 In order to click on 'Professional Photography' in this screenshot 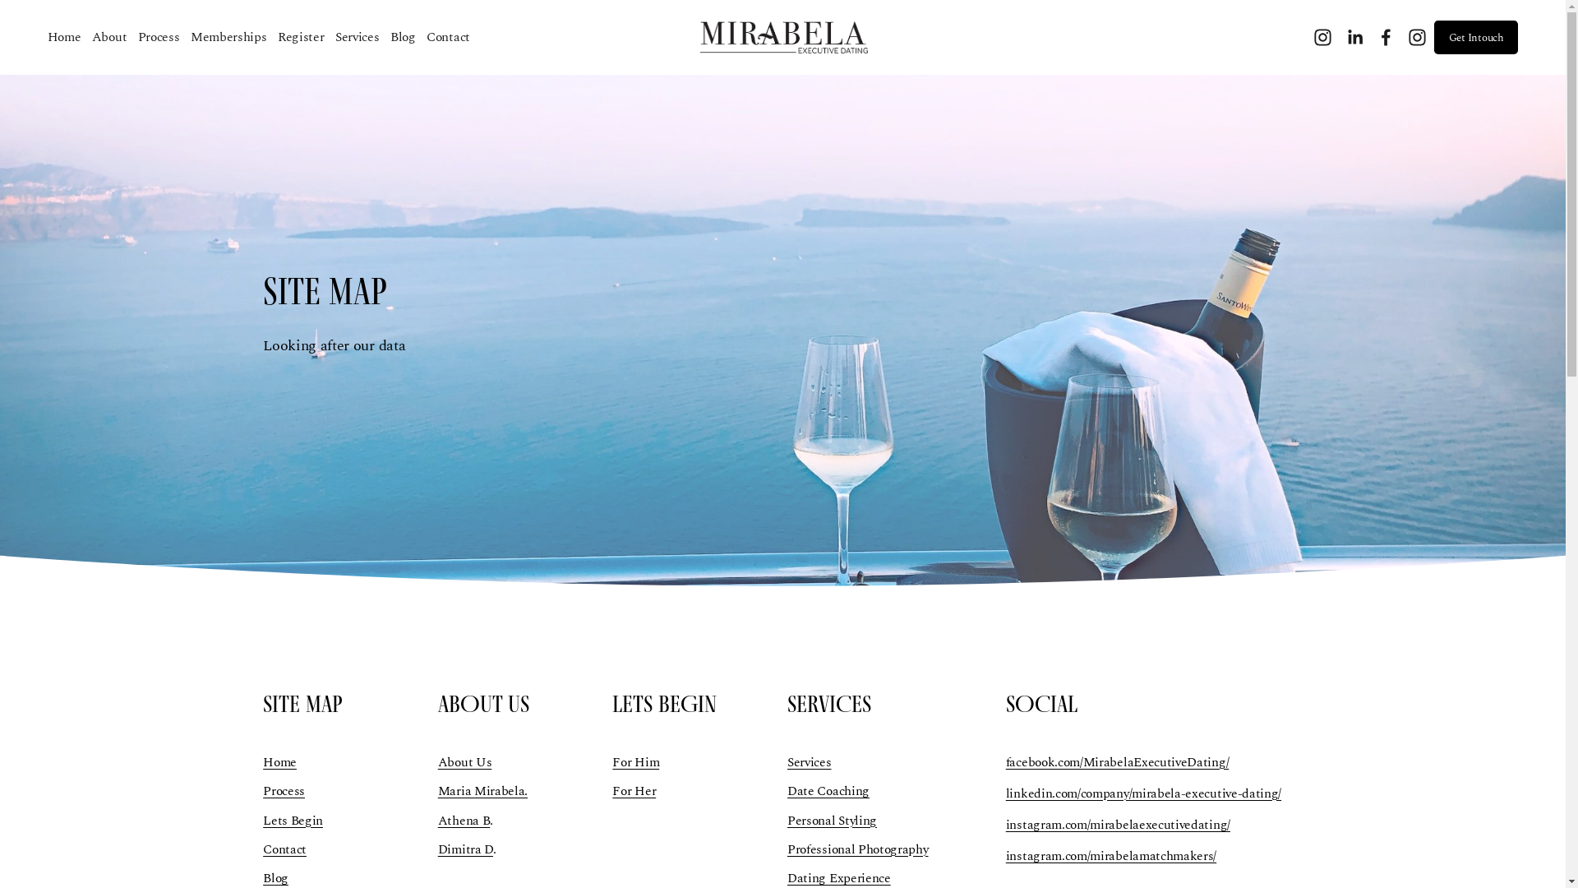, I will do `click(856, 849)`.